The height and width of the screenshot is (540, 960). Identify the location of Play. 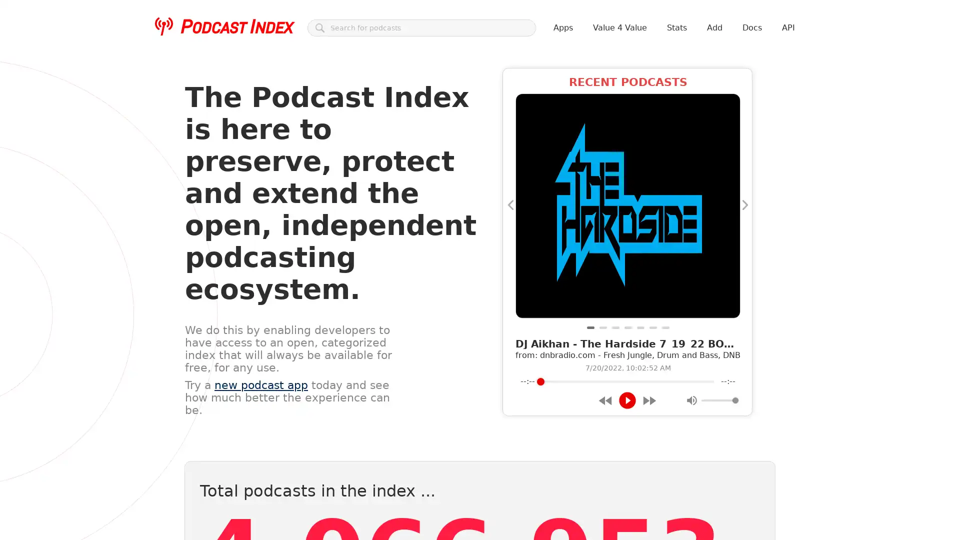
(626, 400).